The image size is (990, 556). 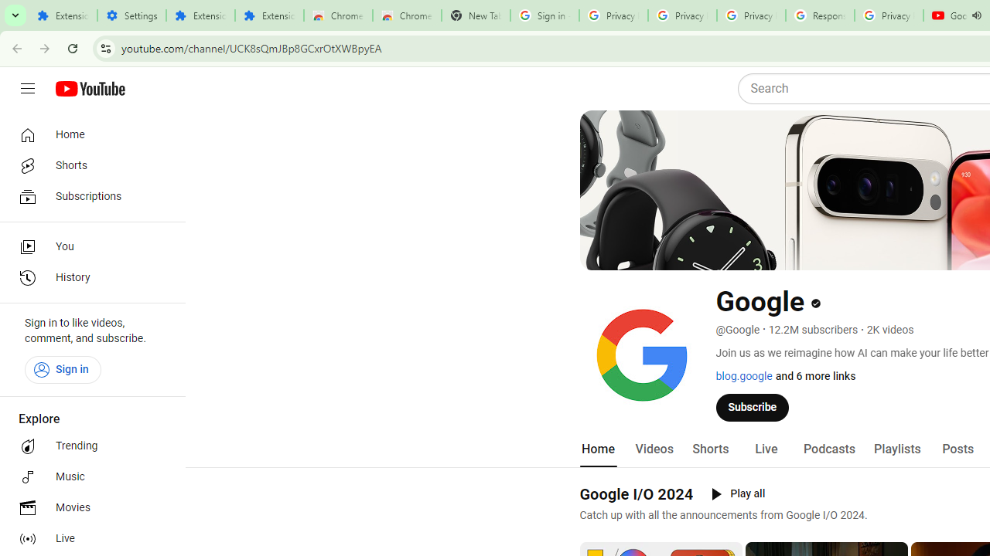 What do you see at coordinates (654, 449) in the screenshot?
I see `'Videos'` at bounding box center [654, 449].